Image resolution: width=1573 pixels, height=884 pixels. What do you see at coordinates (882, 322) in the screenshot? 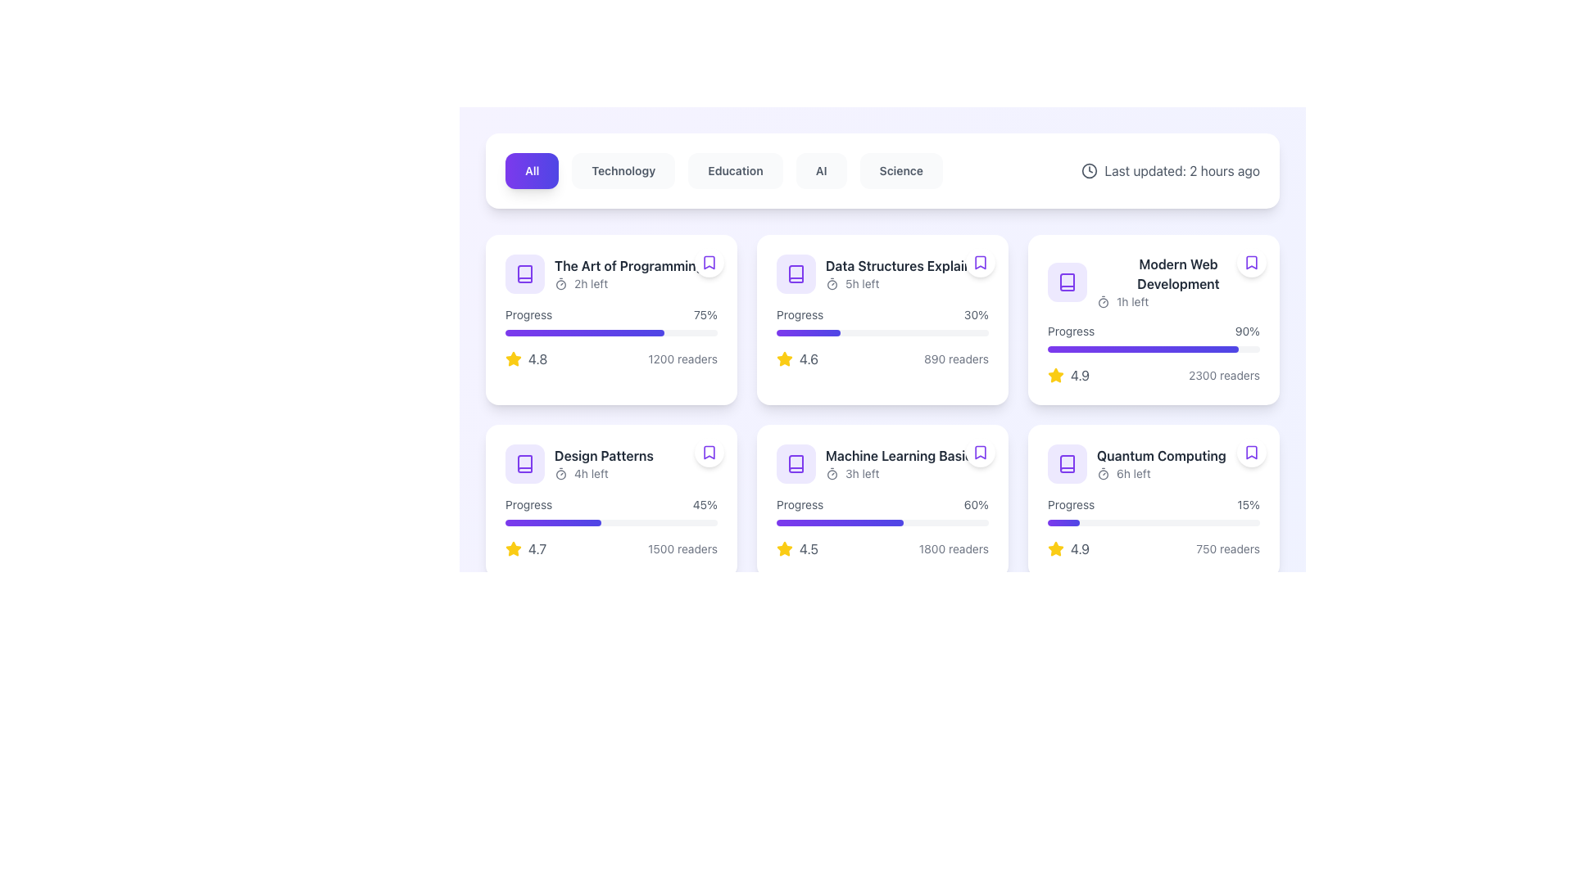
I see `the progress information of the progress bar labeled 'Progress' that shows '30%' completion within the 'Data Structures Explained' card` at bounding box center [882, 322].